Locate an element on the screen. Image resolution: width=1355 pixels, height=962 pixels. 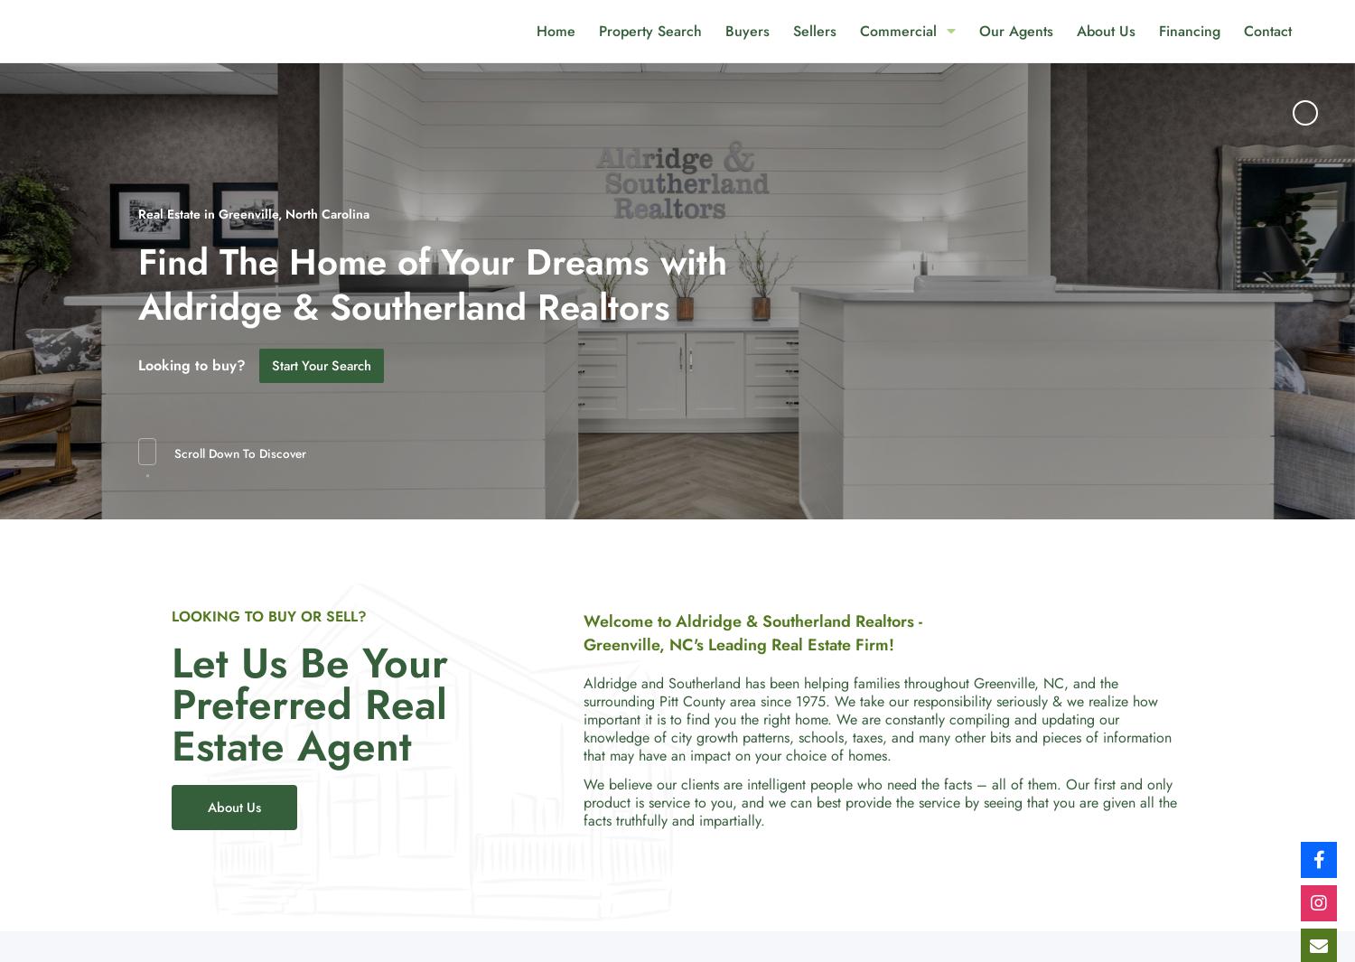
'Scroll Down To Discover' is located at coordinates (239, 452).